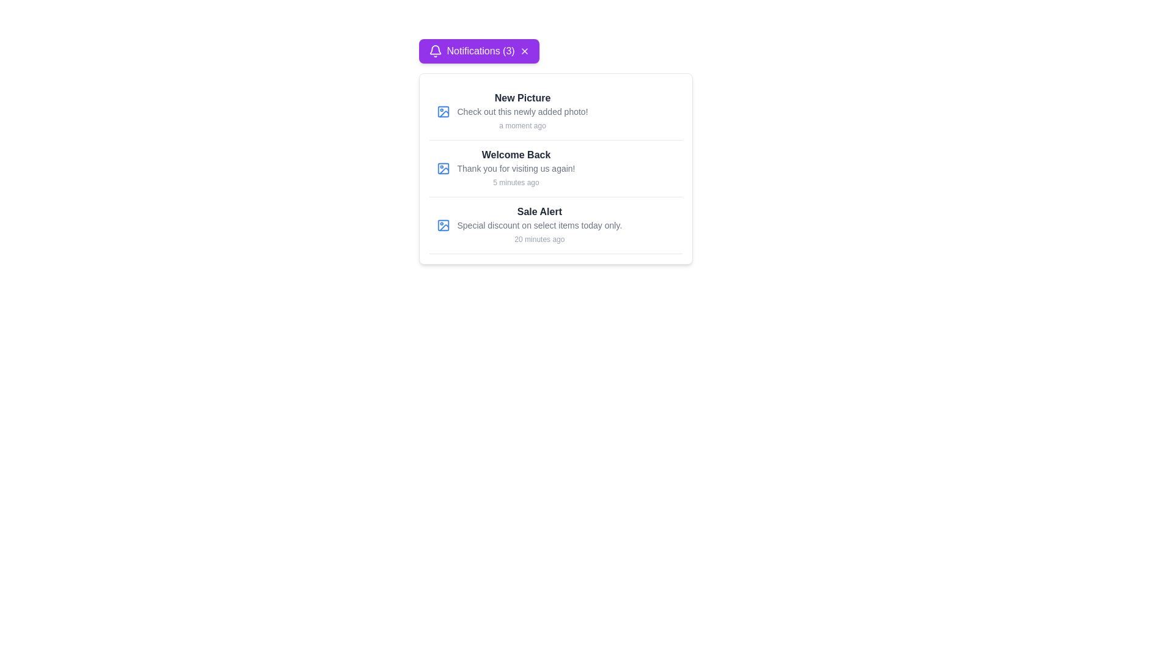 Image resolution: width=1173 pixels, height=660 pixels. What do you see at coordinates (555, 226) in the screenshot?
I see `the 'Sale Alert' notification` at bounding box center [555, 226].